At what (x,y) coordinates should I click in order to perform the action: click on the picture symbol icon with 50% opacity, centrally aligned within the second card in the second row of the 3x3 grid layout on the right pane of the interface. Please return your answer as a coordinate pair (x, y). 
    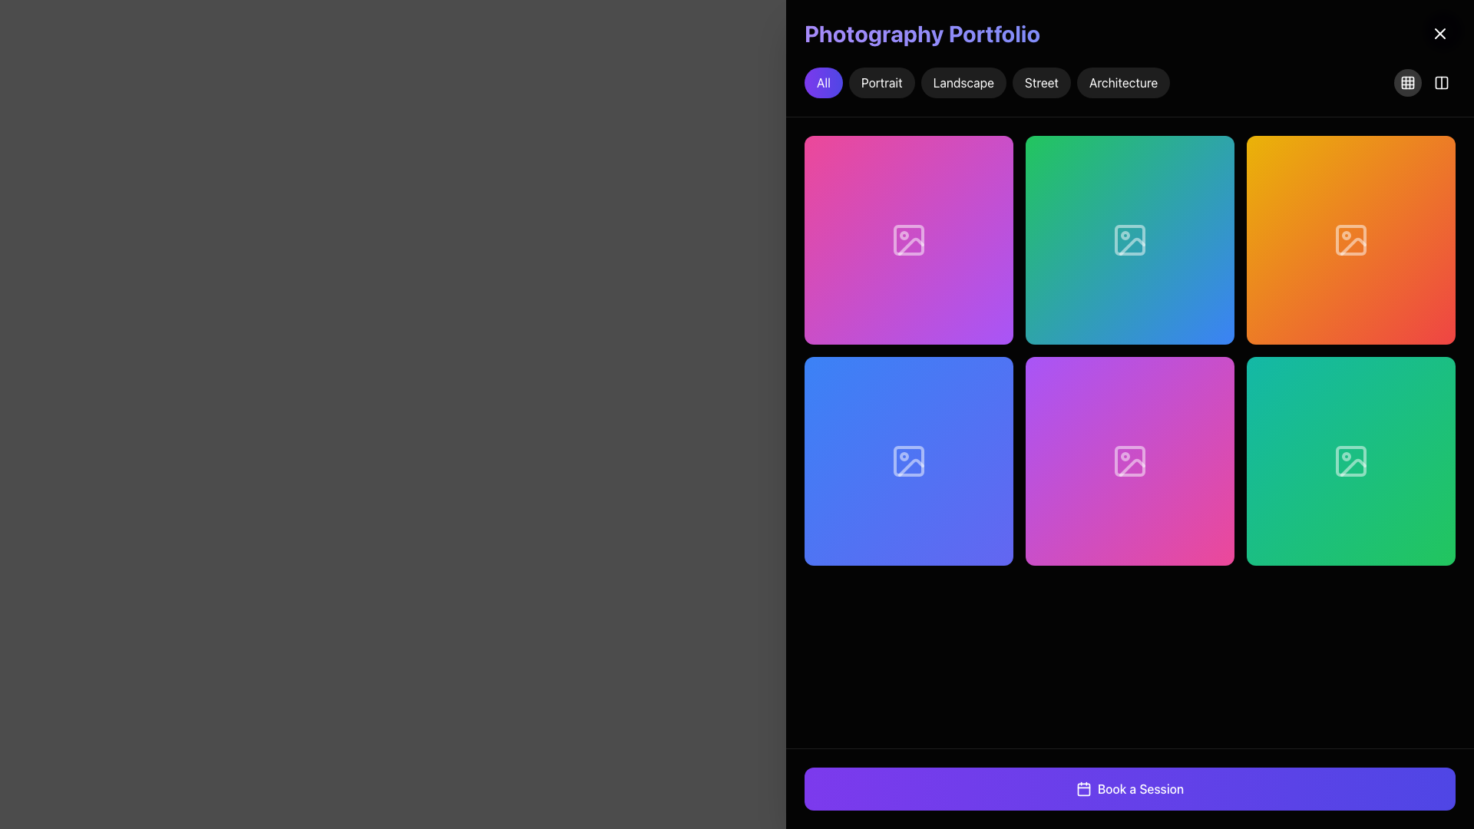
    Looking at the image, I should click on (909, 461).